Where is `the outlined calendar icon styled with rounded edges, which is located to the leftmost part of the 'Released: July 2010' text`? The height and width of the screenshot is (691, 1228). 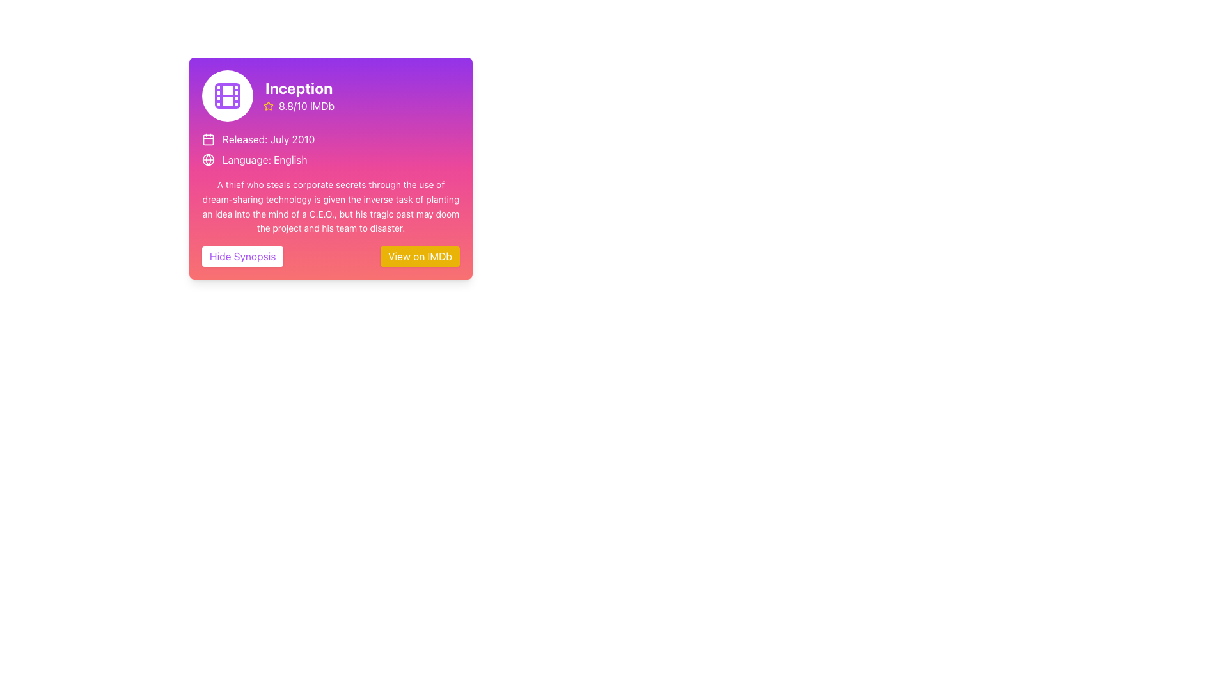
the outlined calendar icon styled with rounded edges, which is located to the leftmost part of the 'Released: July 2010' text is located at coordinates (209, 139).